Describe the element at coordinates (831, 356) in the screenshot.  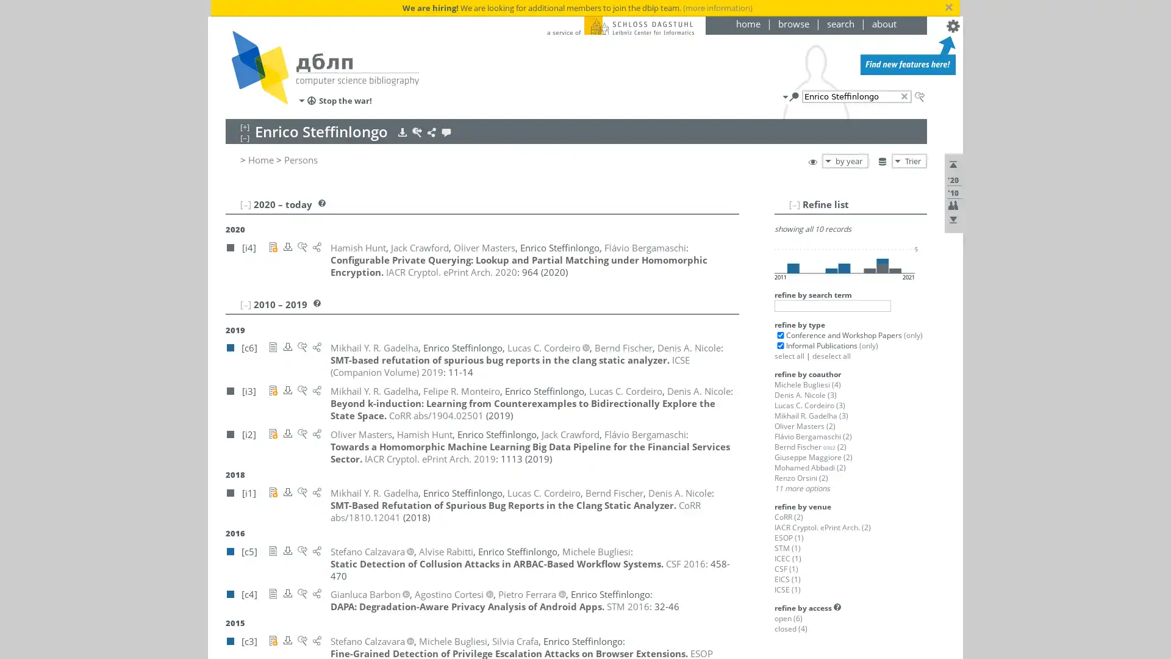
I see `deselect all` at that location.